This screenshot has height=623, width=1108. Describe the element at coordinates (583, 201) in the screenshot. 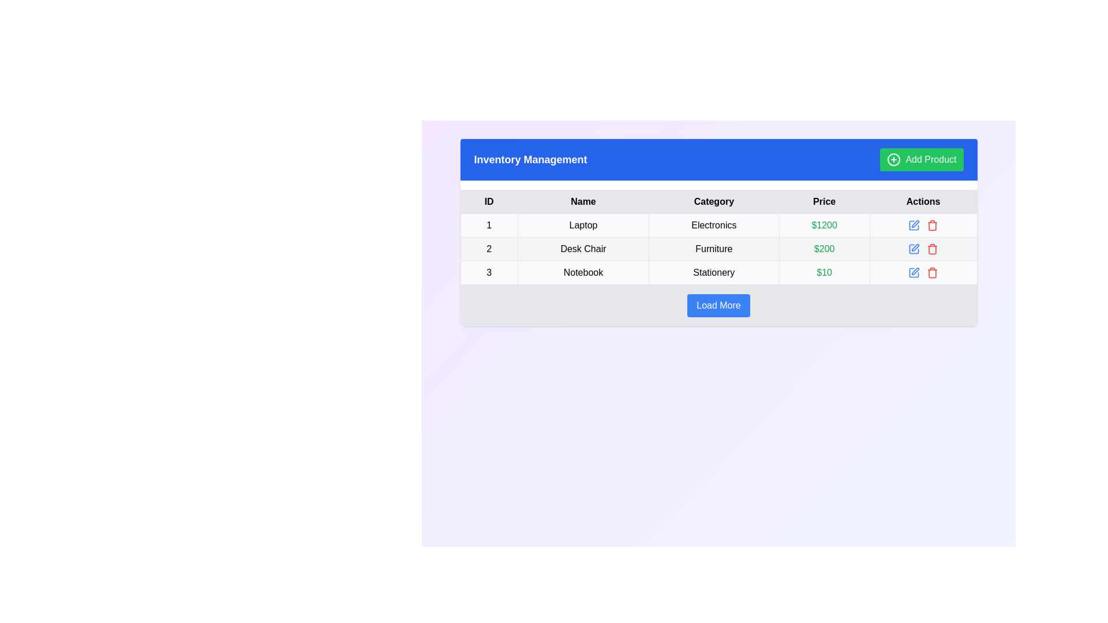

I see `the 'Name' column header cell in the table, which is the second header between 'ID' and 'Category'` at that location.